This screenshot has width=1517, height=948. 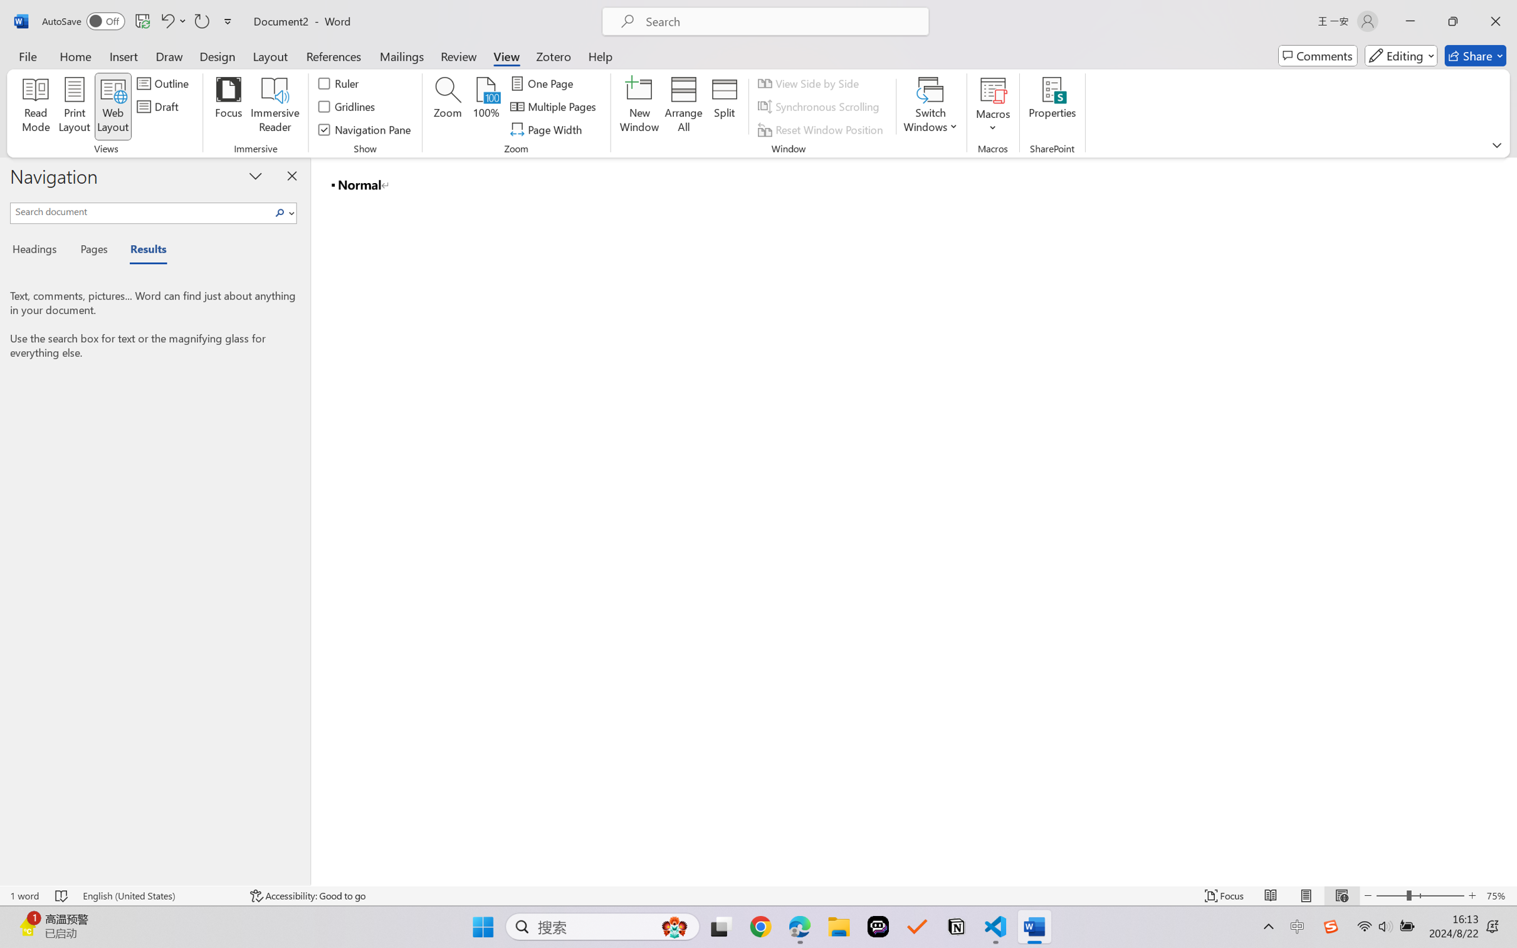 What do you see at coordinates (992, 90) in the screenshot?
I see `'View Macros'` at bounding box center [992, 90].